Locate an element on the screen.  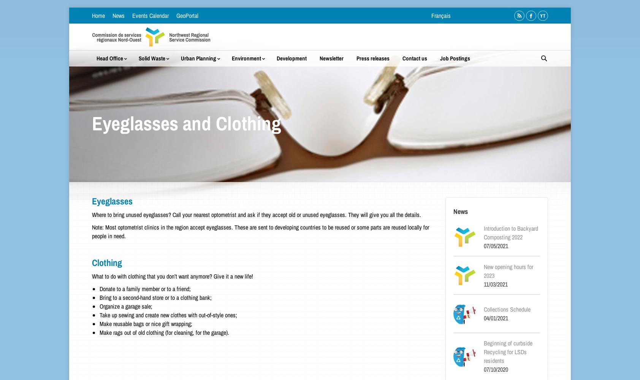
'Permit Costs/Service Fees' is located at coordinates (445, 93).